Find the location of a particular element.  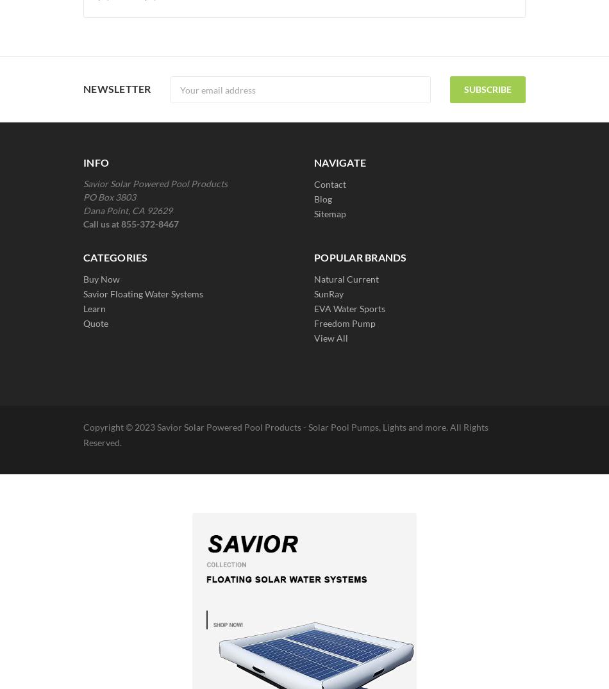

'Contact' is located at coordinates (330, 184).